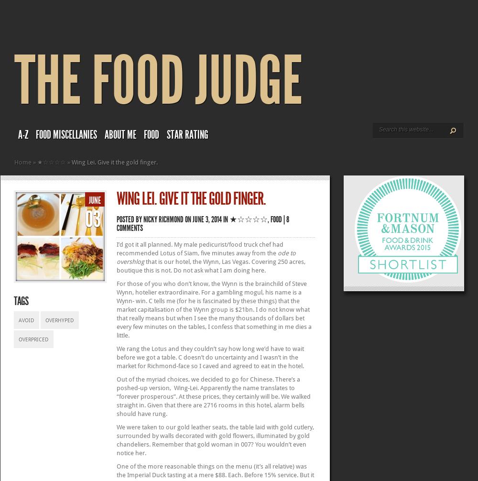  What do you see at coordinates (276, 219) in the screenshot?
I see `'food'` at bounding box center [276, 219].